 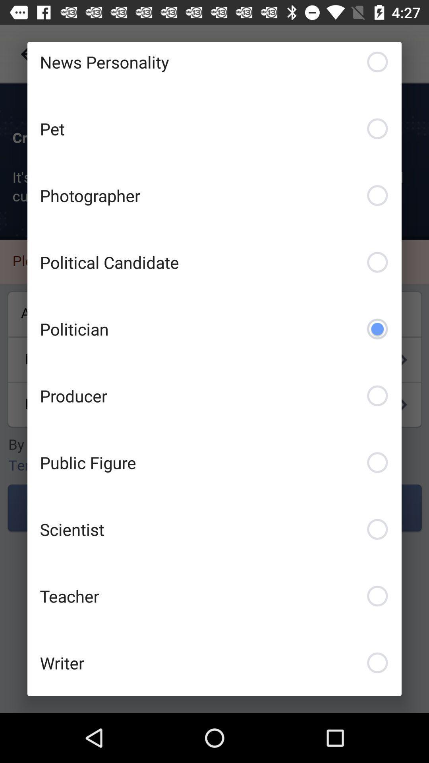 What do you see at coordinates (214, 596) in the screenshot?
I see `the teacher item` at bounding box center [214, 596].